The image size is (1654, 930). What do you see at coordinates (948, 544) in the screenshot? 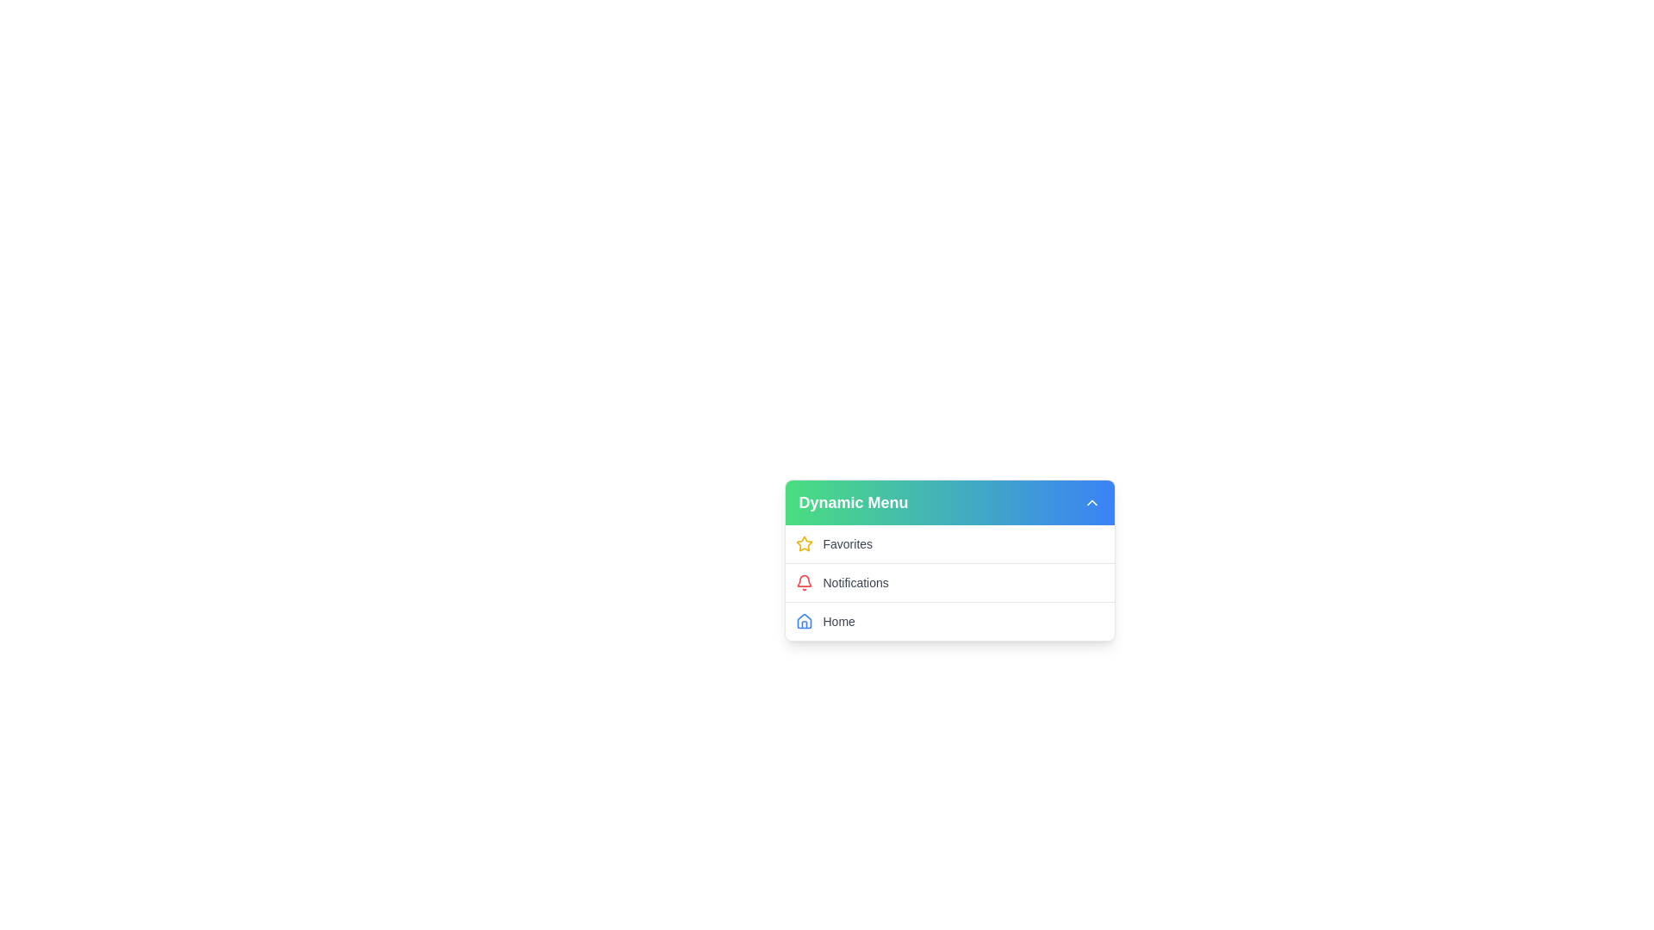
I see `the menu item labeled Favorites` at bounding box center [948, 544].